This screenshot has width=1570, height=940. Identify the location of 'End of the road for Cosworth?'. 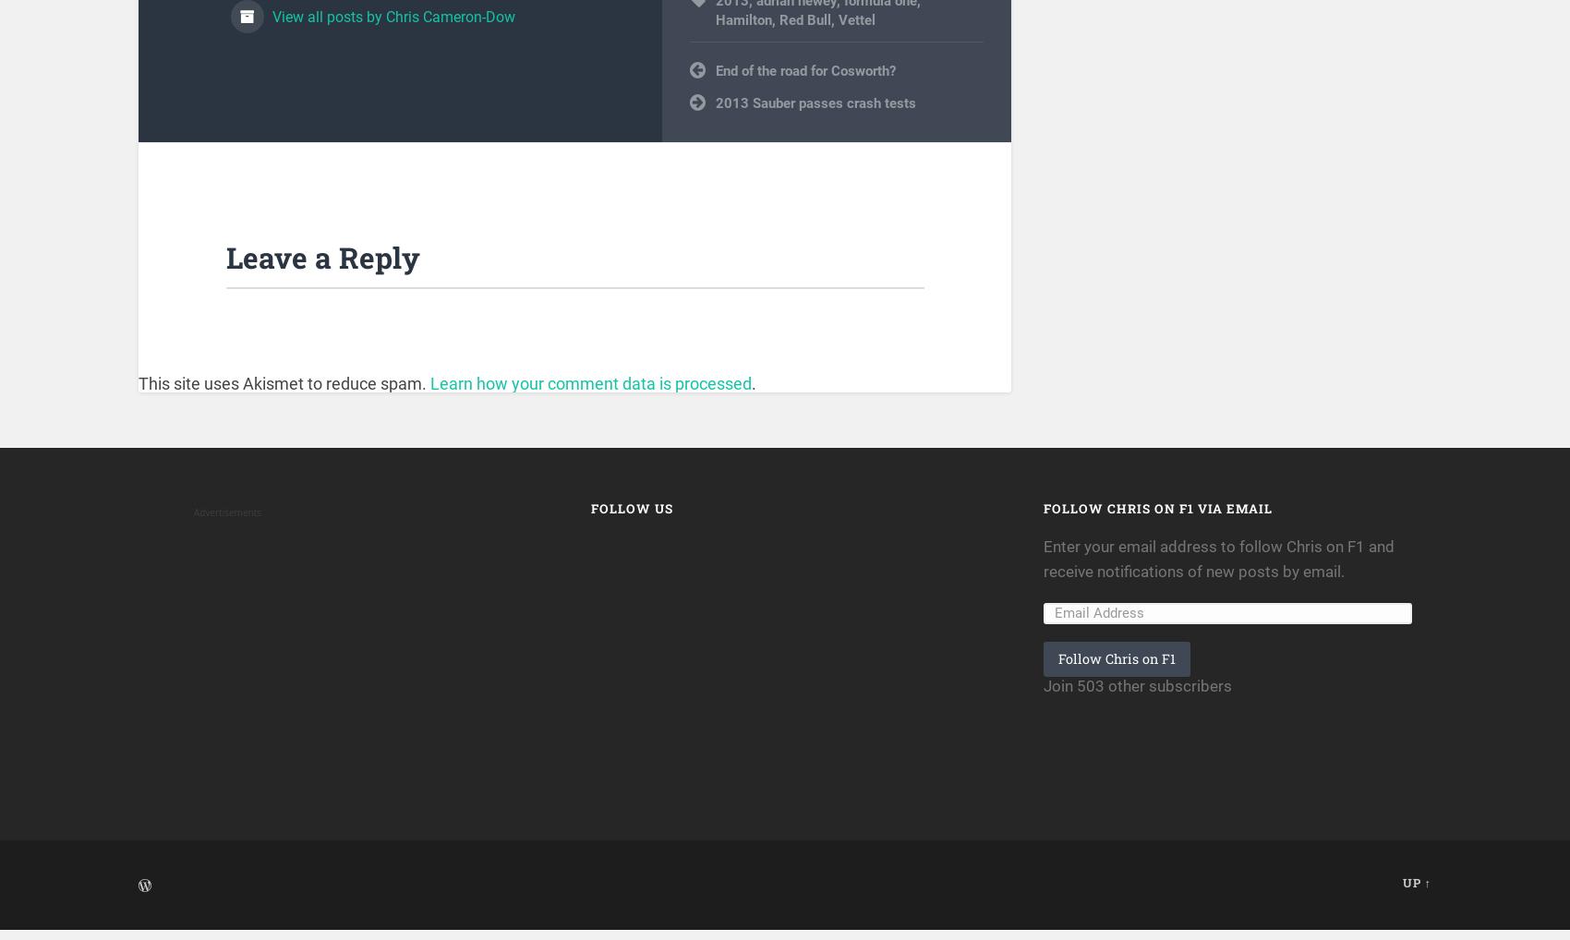
(805, 81).